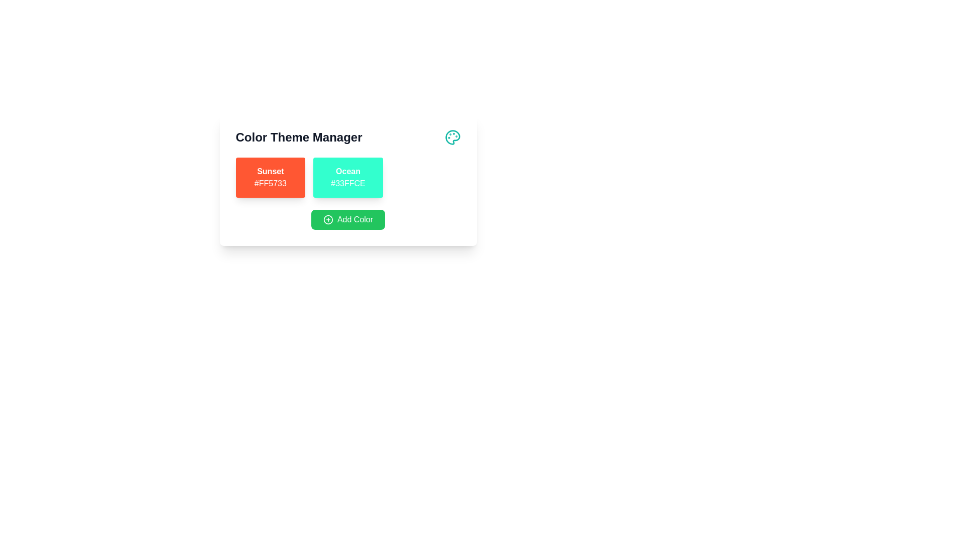 The image size is (964, 542). What do you see at coordinates (348, 137) in the screenshot?
I see `the heading text or icon that indicates the purpose of managing color themes, located at the top of the section` at bounding box center [348, 137].